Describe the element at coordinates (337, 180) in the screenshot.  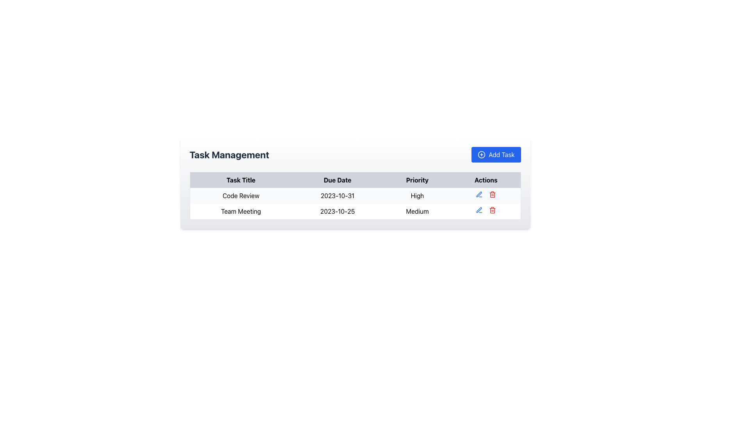
I see `the 'Due Date' label, which is the second column header of the table in the 'Task Management' section, styled with bold text and a light gray background` at that location.